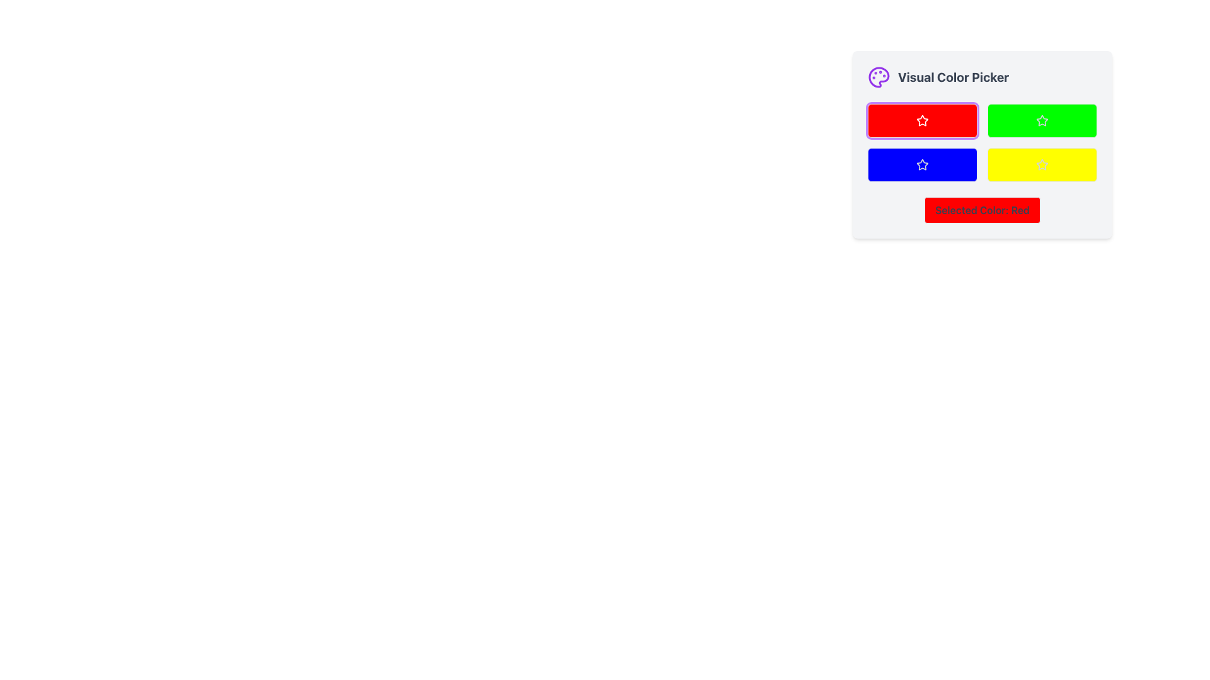  What do you see at coordinates (923, 164) in the screenshot?
I see `the blue color selection button in the Visual Color Picker section for keyboard interaction` at bounding box center [923, 164].